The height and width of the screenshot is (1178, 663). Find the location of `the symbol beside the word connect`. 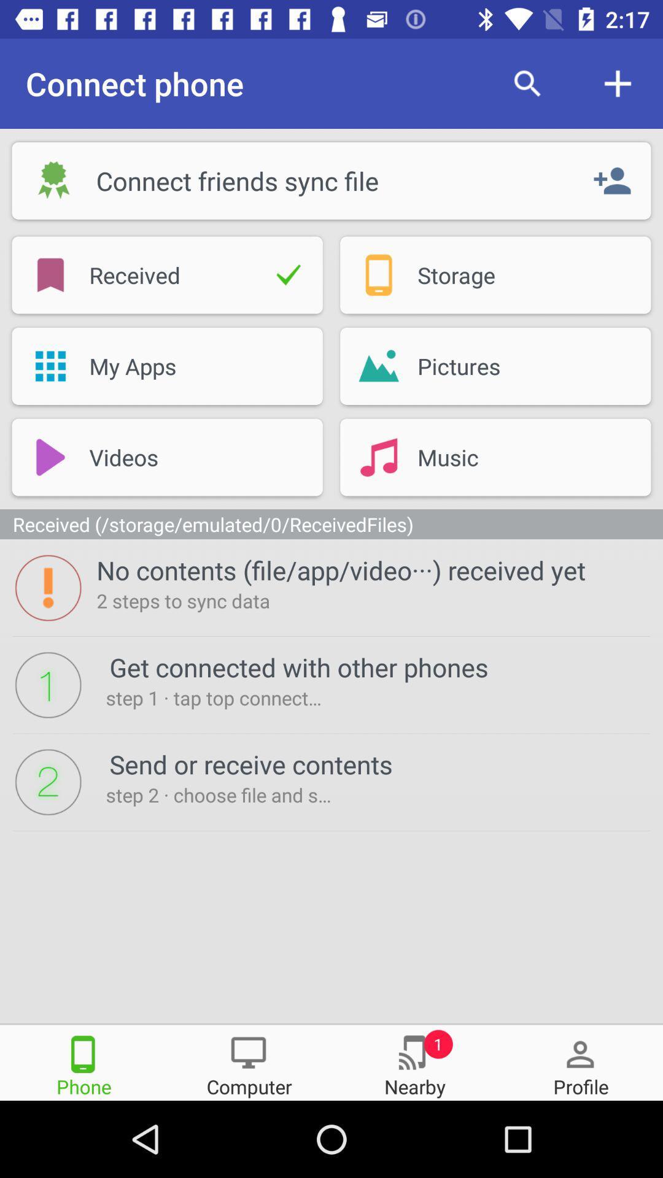

the symbol beside the word connect is located at coordinates (53, 180).